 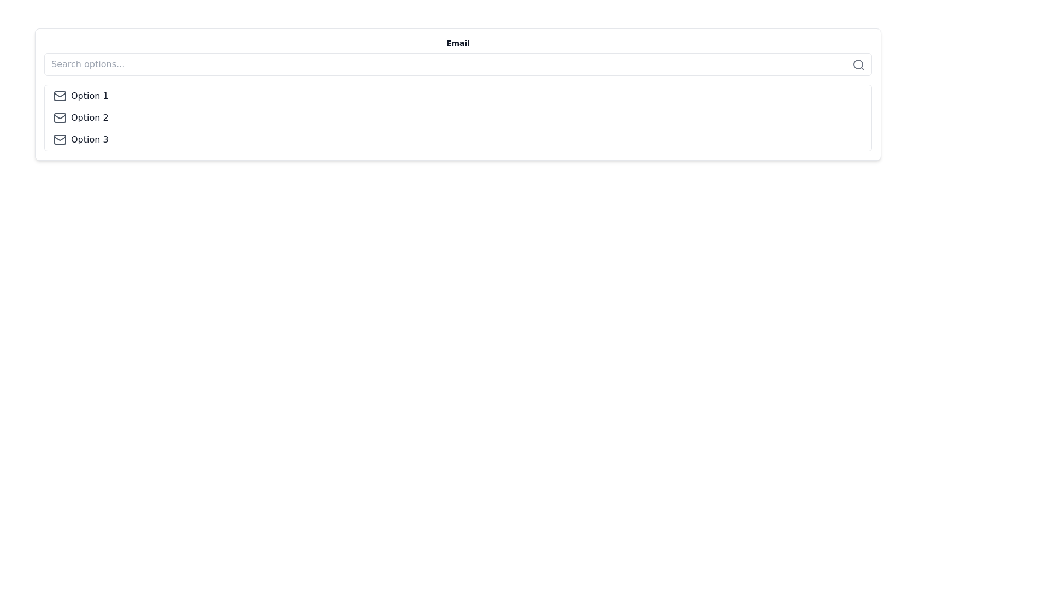 I want to click on the email-related icon located at the very left of the 'Option 3' row in the list of options, so click(x=60, y=139).